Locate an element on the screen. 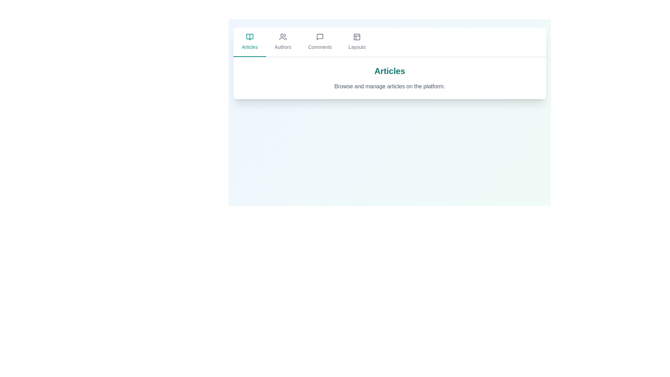 The image size is (670, 377). the Layouts tab is located at coordinates (357, 42).